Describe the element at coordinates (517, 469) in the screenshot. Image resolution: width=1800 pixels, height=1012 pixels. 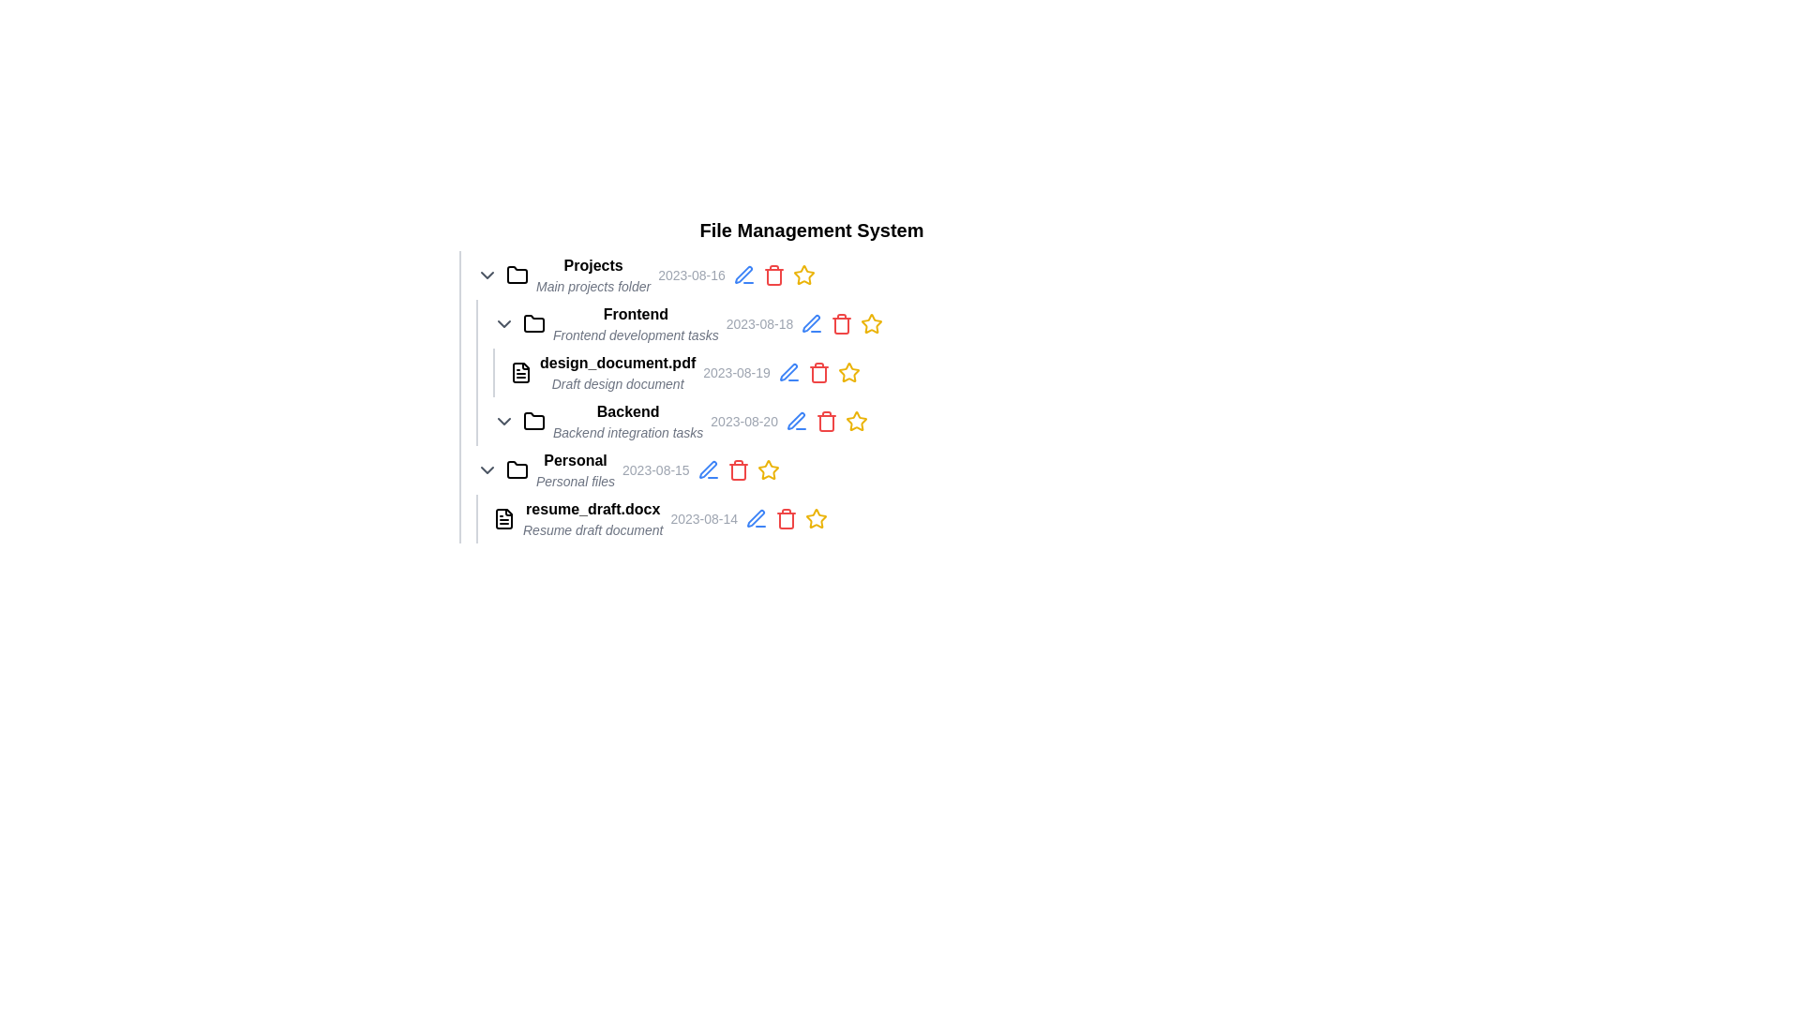
I see `the black outline folder icon located next to the 'Personal' label in the file management system` at that location.